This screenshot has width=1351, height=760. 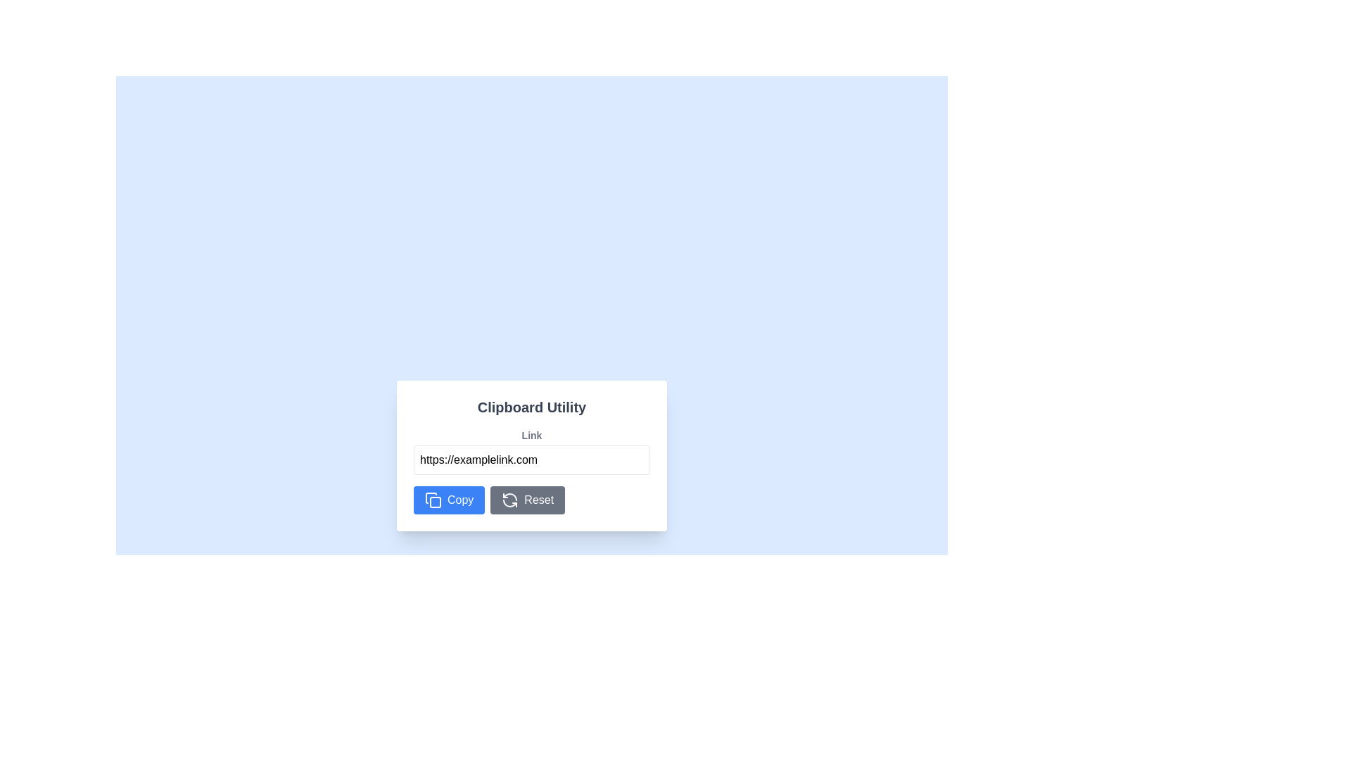 I want to click on the Text Input field, so click(x=531, y=451).